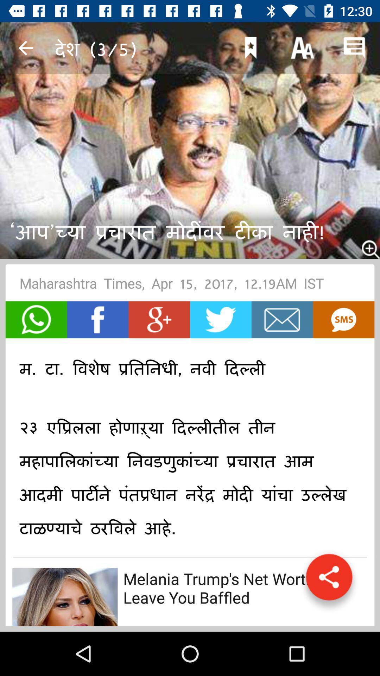  I want to click on tweet article, so click(220, 319).